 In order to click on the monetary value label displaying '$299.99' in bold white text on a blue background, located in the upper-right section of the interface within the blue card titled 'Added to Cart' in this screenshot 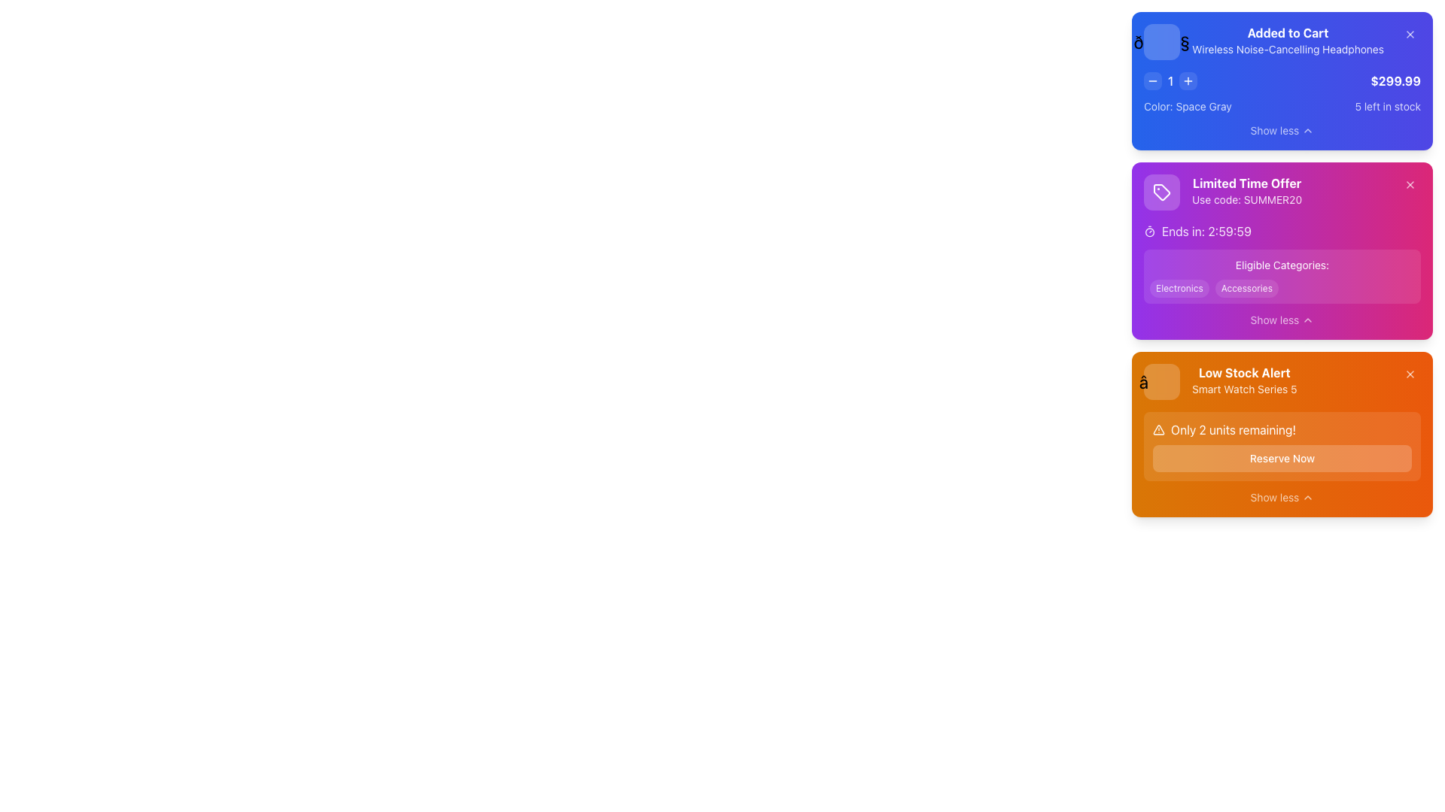, I will do `click(1395, 81)`.